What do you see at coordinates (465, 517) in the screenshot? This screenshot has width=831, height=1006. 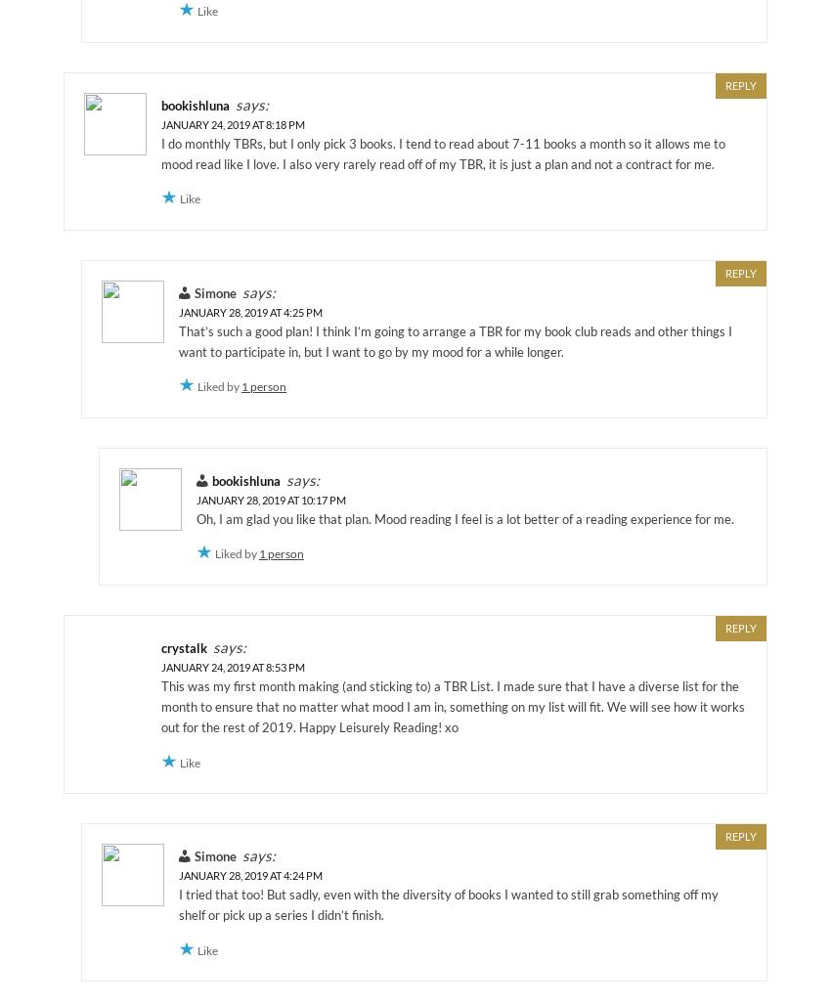 I see `'Oh, I am glad you like that plan. Mood reading I feel is a lot better of a reading experience for me.'` at bounding box center [465, 517].